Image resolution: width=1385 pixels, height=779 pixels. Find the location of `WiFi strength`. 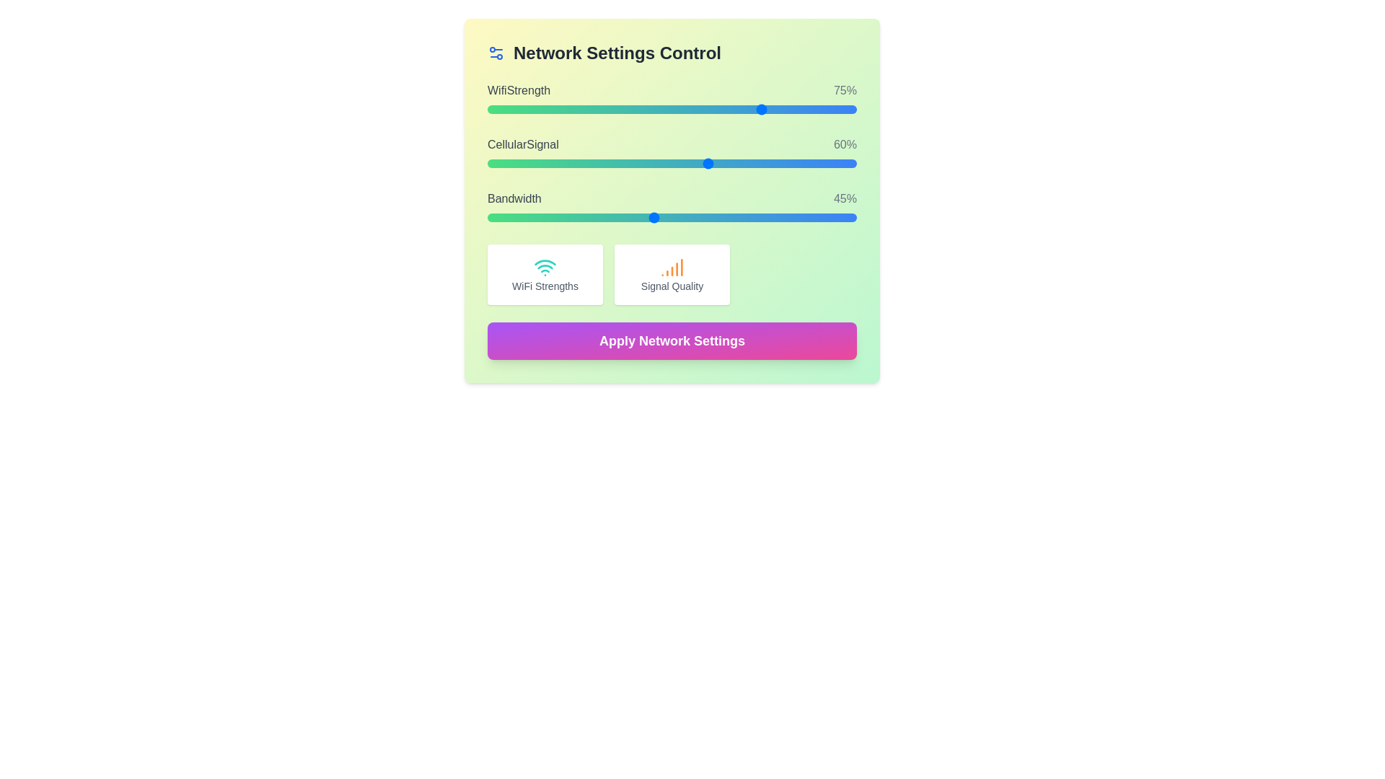

WiFi strength is located at coordinates (720, 108).